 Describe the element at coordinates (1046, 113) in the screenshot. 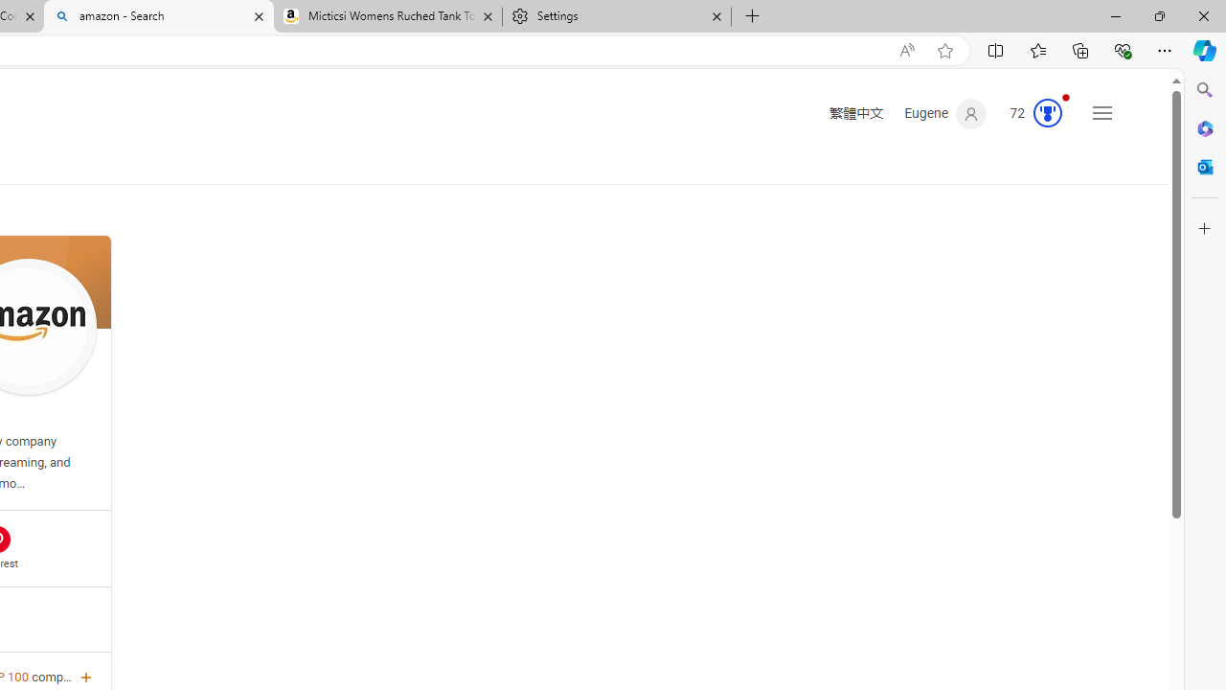

I see `'AutomationID: rh_meter'` at that location.